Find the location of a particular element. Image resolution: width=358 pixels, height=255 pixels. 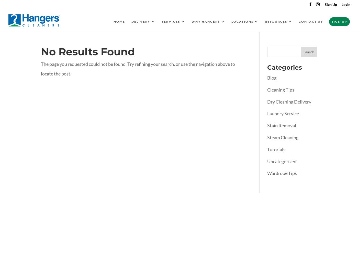

'Resources' is located at coordinates (276, 21).